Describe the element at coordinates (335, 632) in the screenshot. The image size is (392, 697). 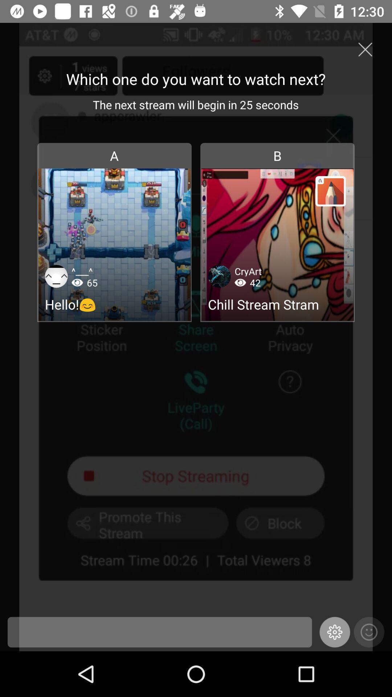
I see `the settings icon` at that location.